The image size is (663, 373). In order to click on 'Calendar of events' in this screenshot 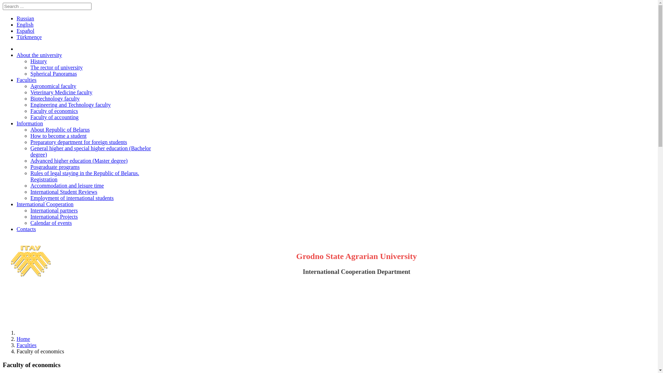, I will do `click(51, 223)`.